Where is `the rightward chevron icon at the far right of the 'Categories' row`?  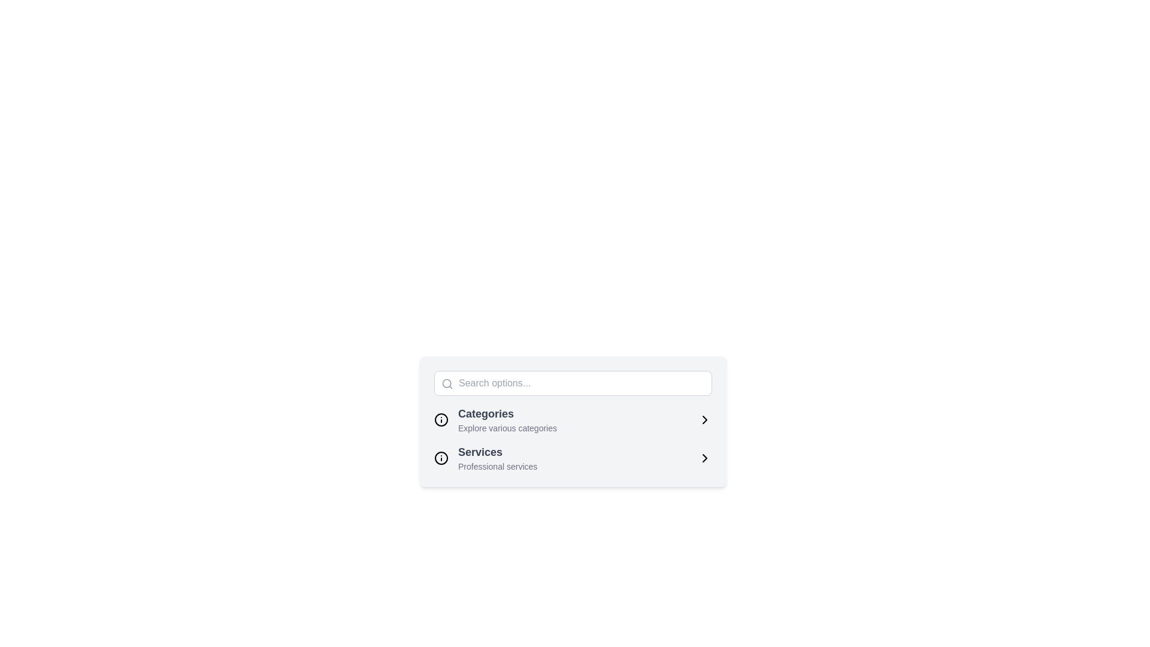 the rightward chevron icon at the far right of the 'Categories' row is located at coordinates (704, 419).